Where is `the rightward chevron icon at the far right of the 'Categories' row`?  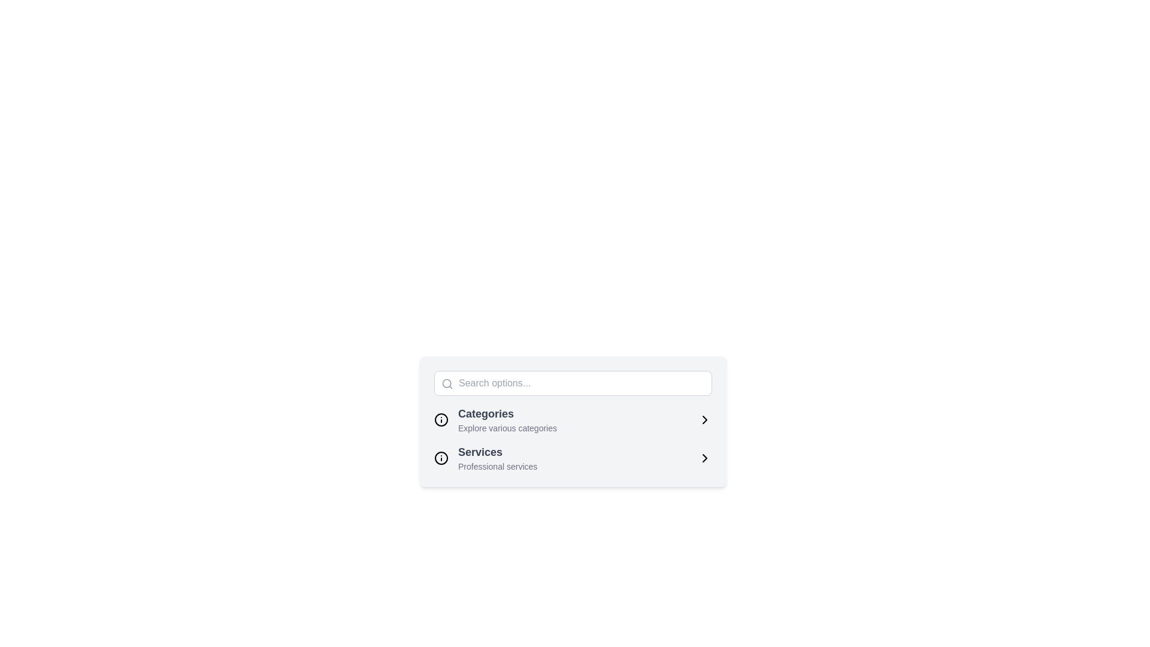 the rightward chevron icon at the far right of the 'Categories' row is located at coordinates (704, 419).